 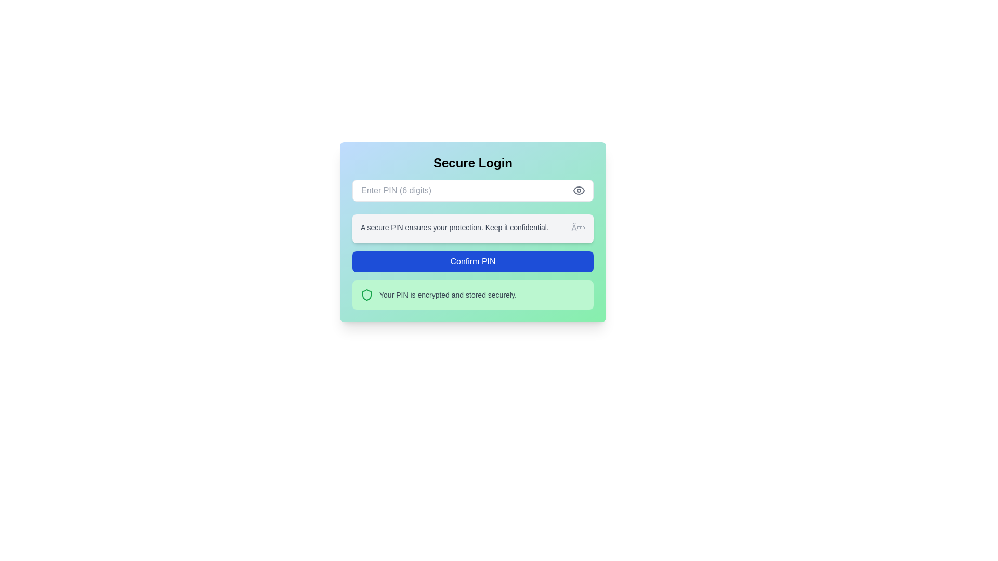 What do you see at coordinates (472, 295) in the screenshot?
I see `the informational message box that provides details about the security of the user's PIN, located below the 'Confirm PIN' button` at bounding box center [472, 295].